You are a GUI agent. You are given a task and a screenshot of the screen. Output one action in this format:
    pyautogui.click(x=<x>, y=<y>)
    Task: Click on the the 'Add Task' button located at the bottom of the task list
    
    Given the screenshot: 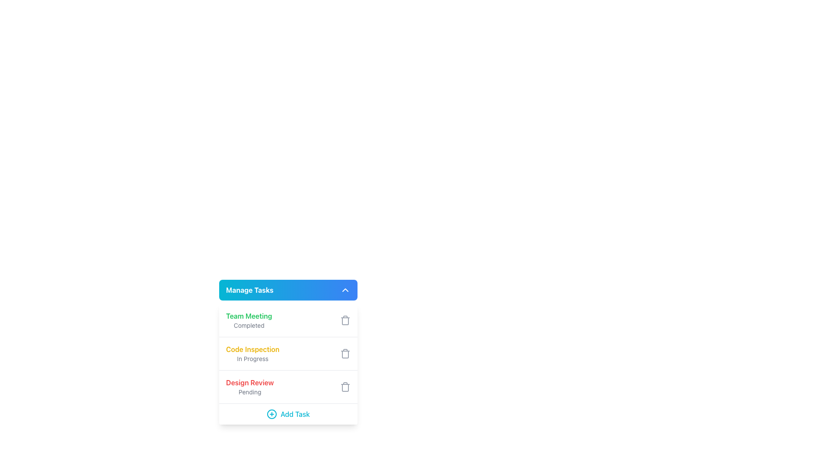 What is the action you would take?
    pyautogui.click(x=288, y=413)
    